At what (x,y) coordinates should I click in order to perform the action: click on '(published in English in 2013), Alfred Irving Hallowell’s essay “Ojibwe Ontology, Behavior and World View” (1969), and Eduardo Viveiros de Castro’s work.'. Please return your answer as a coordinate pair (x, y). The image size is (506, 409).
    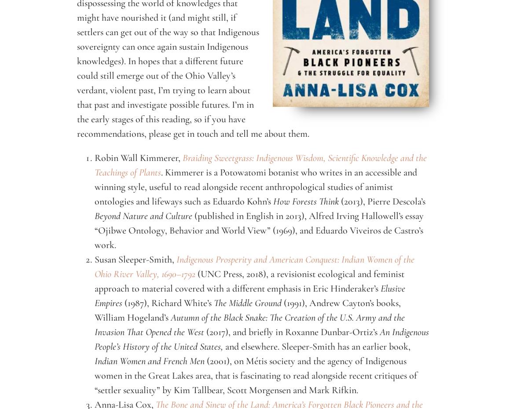
    Looking at the image, I should click on (259, 230).